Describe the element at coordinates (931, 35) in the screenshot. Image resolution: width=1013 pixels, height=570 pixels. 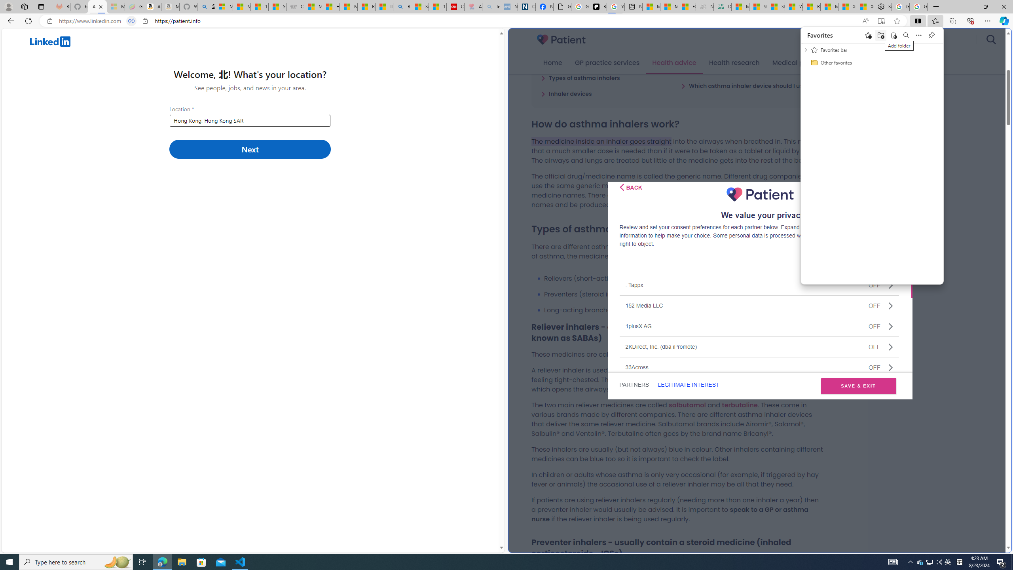
I see `'Pin favorites'` at that location.